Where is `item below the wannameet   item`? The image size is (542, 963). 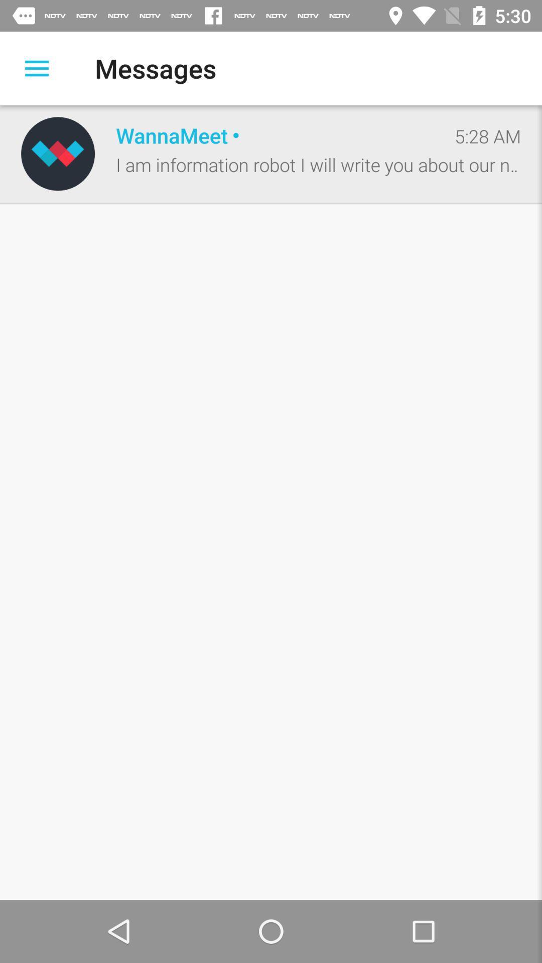
item below the wannameet   item is located at coordinates (318, 165).